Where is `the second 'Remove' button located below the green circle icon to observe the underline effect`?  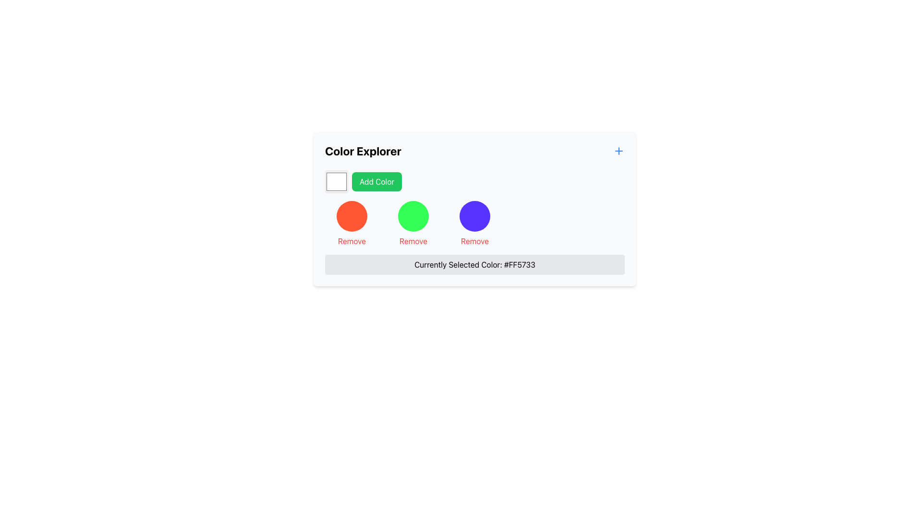 the second 'Remove' button located below the green circle icon to observe the underline effect is located at coordinates (413, 240).